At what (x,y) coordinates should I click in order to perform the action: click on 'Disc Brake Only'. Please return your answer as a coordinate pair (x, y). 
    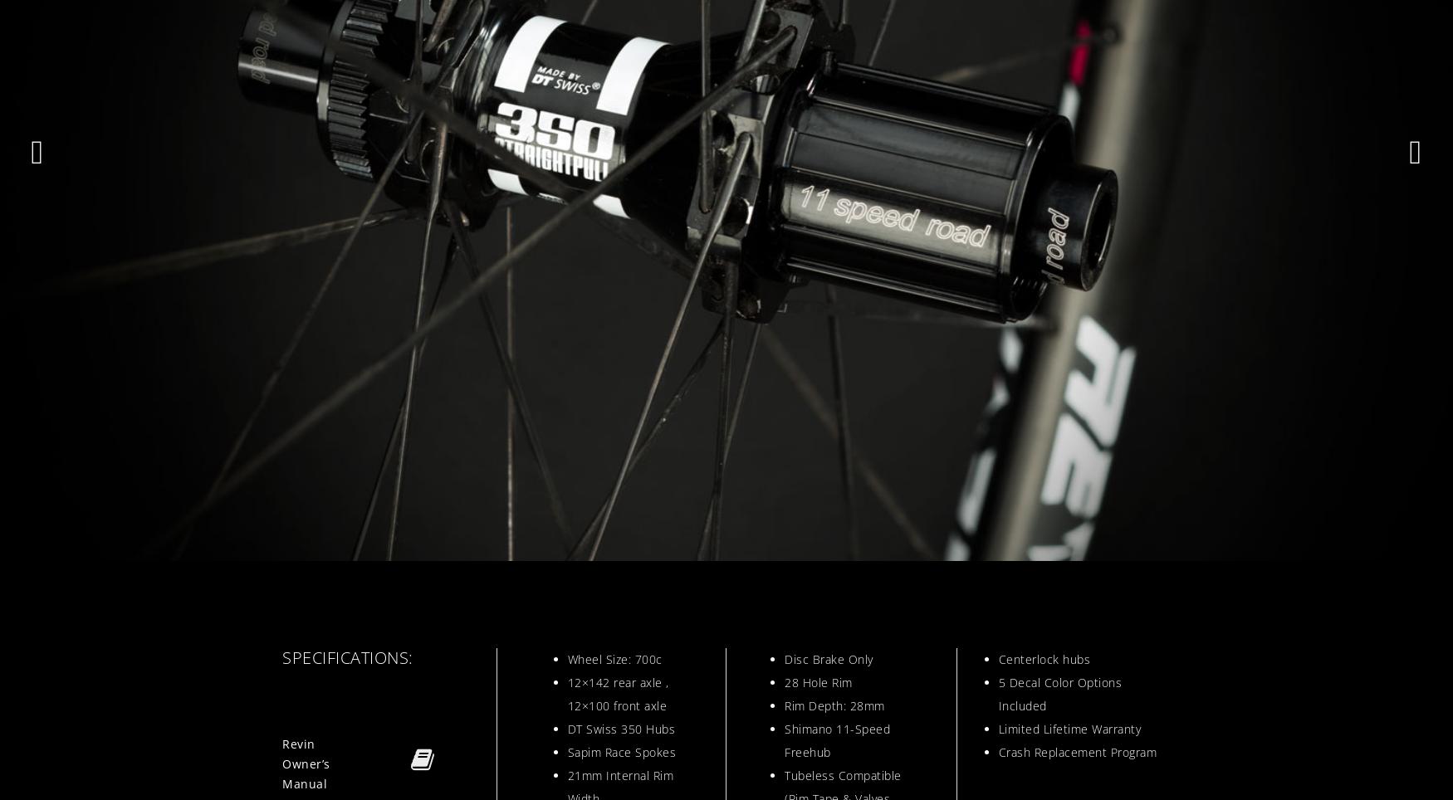
    Looking at the image, I should click on (829, 659).